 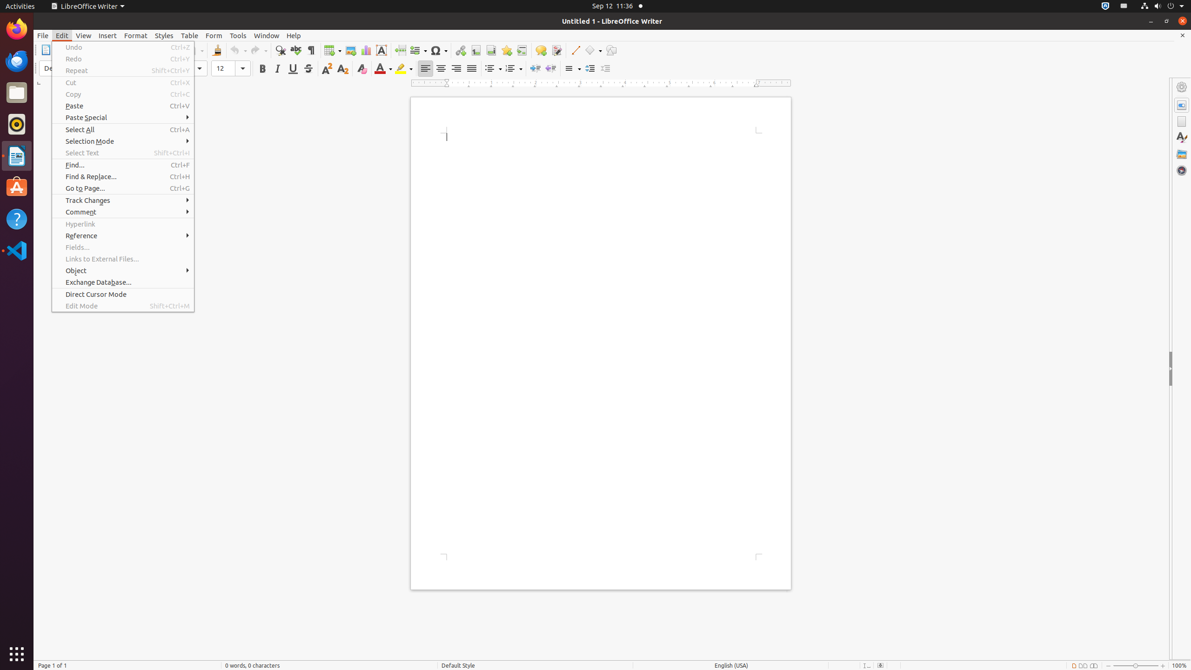 I want to click on 'Copy', so click(x=123, y=94).